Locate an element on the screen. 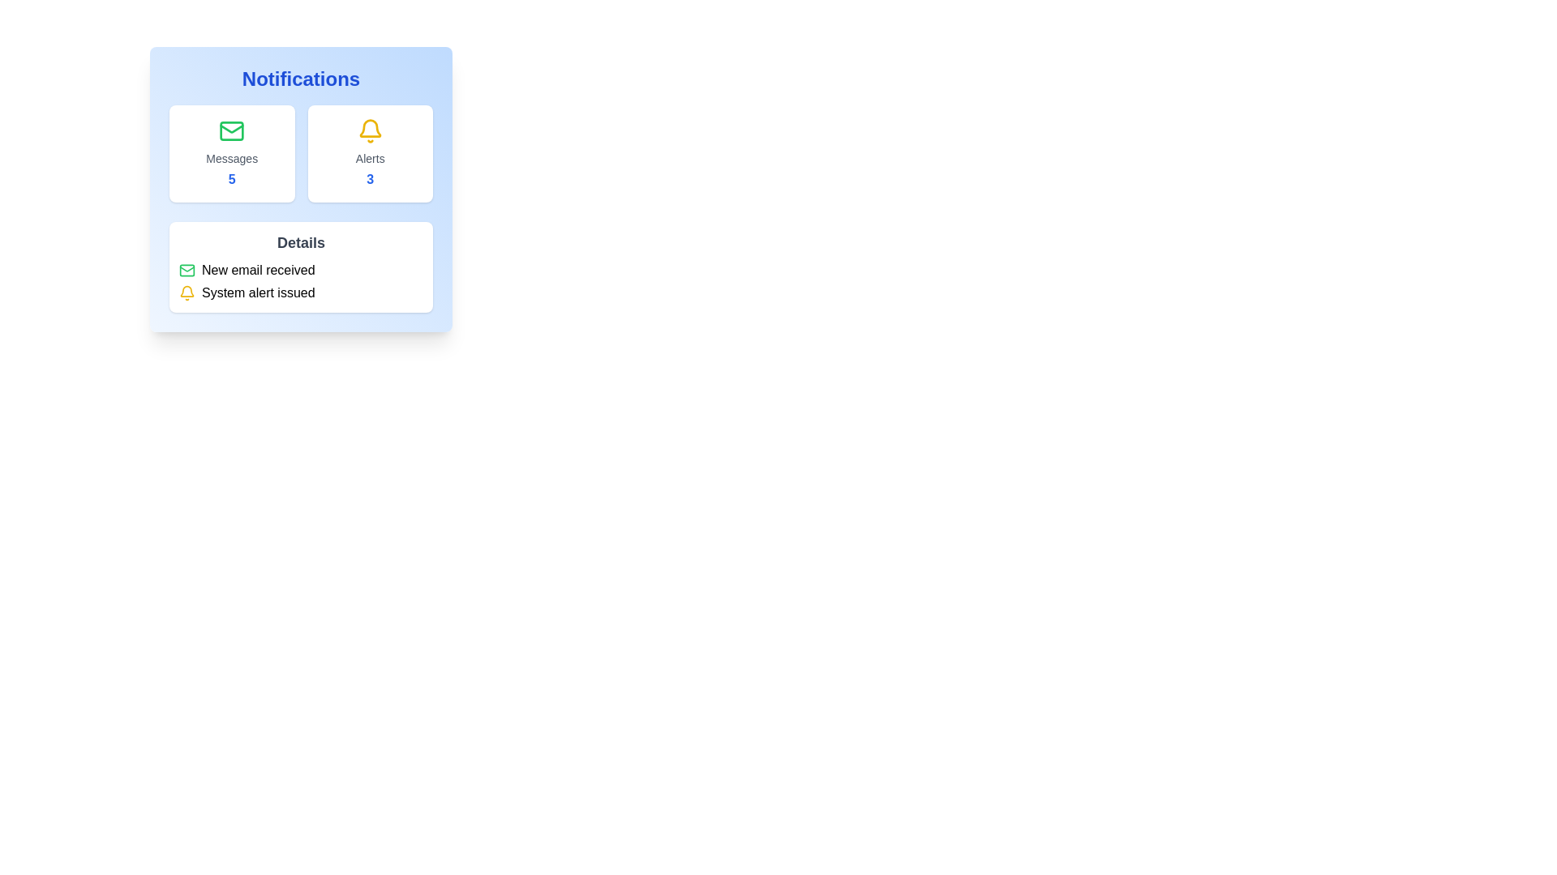 Image resolution: width=1557 pixels, height=875 pixels. the notification icon indicating 'New email received', which is located in the 'Details' section of the interface, to the left of the corresponding text is located at coordinates (187, 270).